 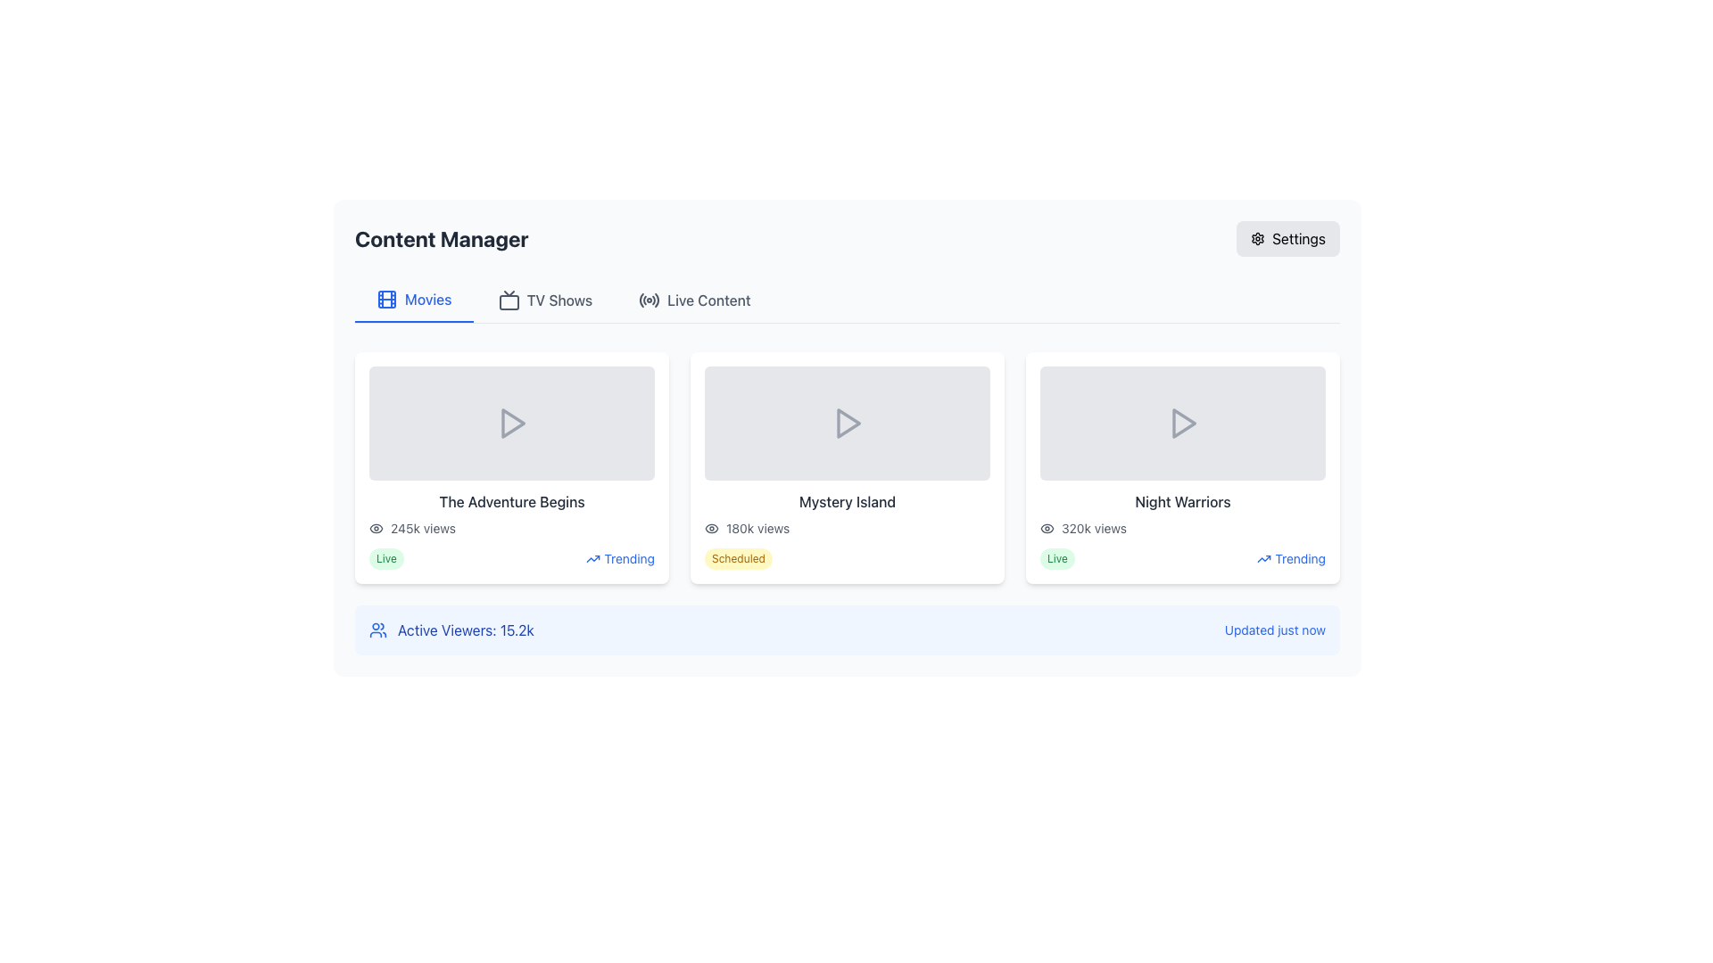 I want to click on the Text element that displays the number of active viewers, located in the central right region of the interface, following an icon graphic, so click(x=466, y=629).